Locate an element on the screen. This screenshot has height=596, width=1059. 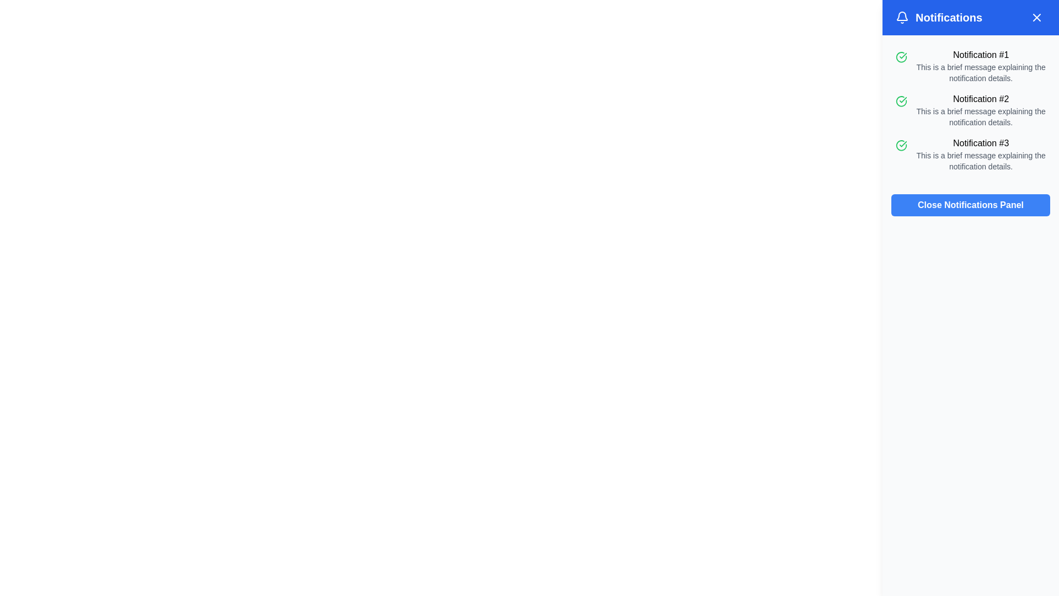
the header element with an icon and text that serves as the title for the notifications panel, located in the top-left section of the header bar is located at coordinates (938, 17).